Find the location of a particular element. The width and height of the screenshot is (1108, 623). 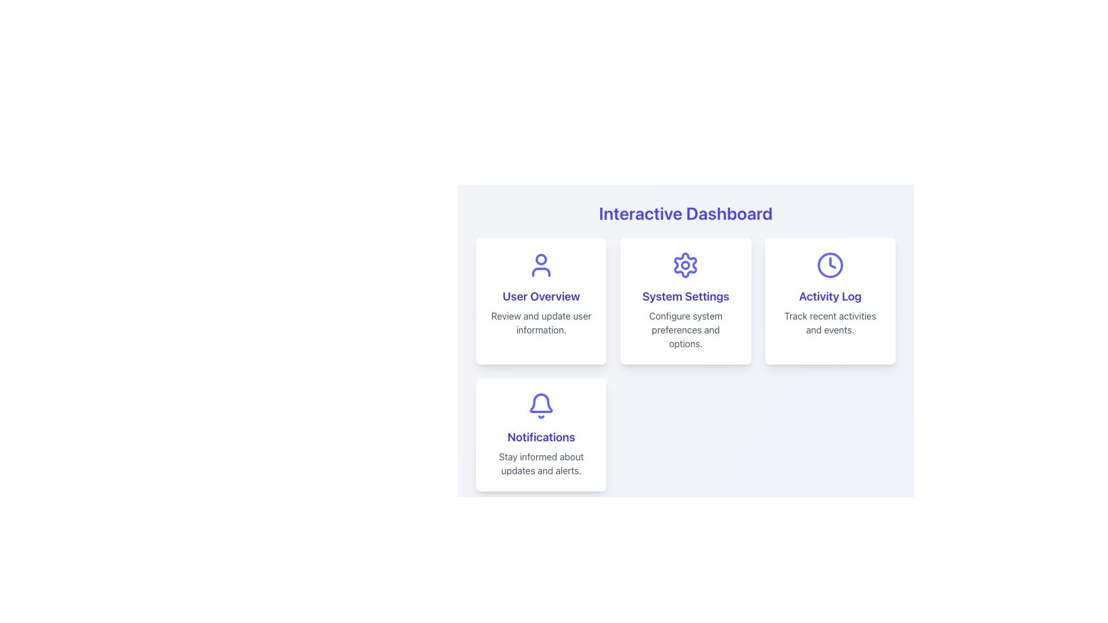

the descriptive subtitle text element located below the 'Notifications' title and bell icon within the Notifications card on the dashboard is located at coordinates (541, 463).